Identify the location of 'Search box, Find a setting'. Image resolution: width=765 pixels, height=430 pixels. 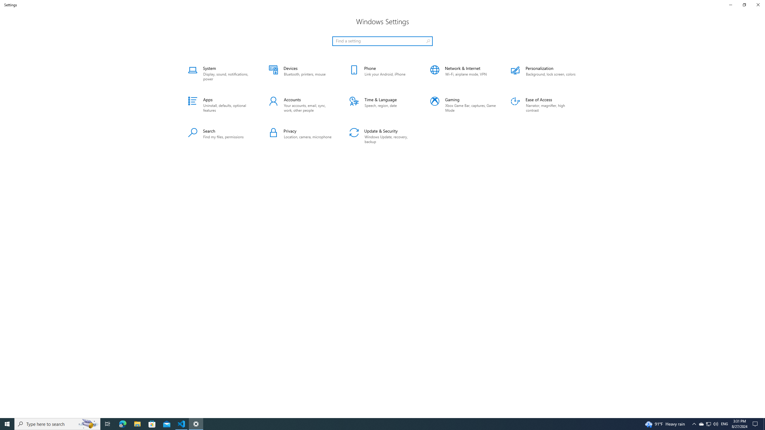
(382, 41).